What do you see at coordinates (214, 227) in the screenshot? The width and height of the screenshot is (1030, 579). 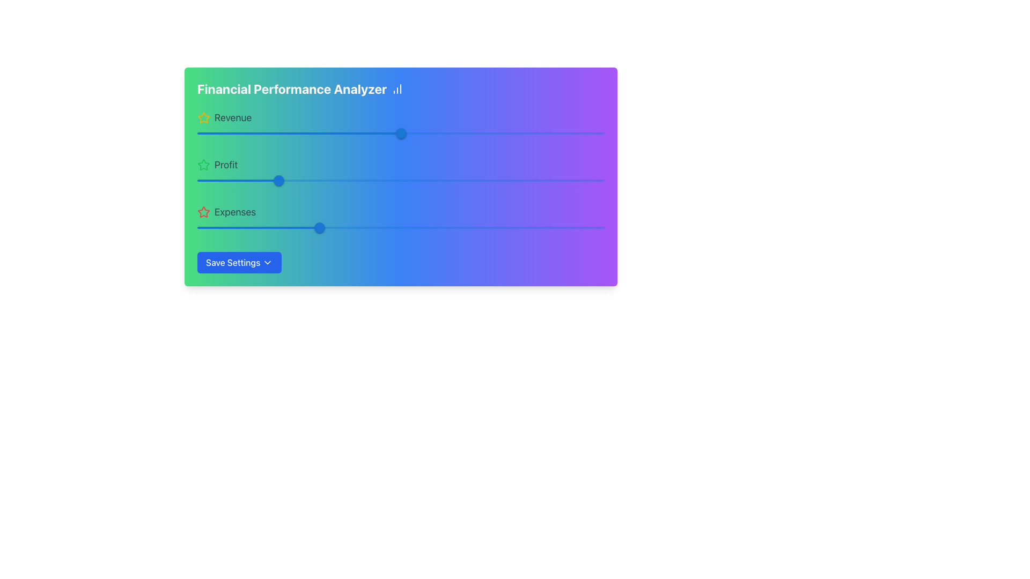 I see `the Expenses slider` at bounding box center [214, 227].